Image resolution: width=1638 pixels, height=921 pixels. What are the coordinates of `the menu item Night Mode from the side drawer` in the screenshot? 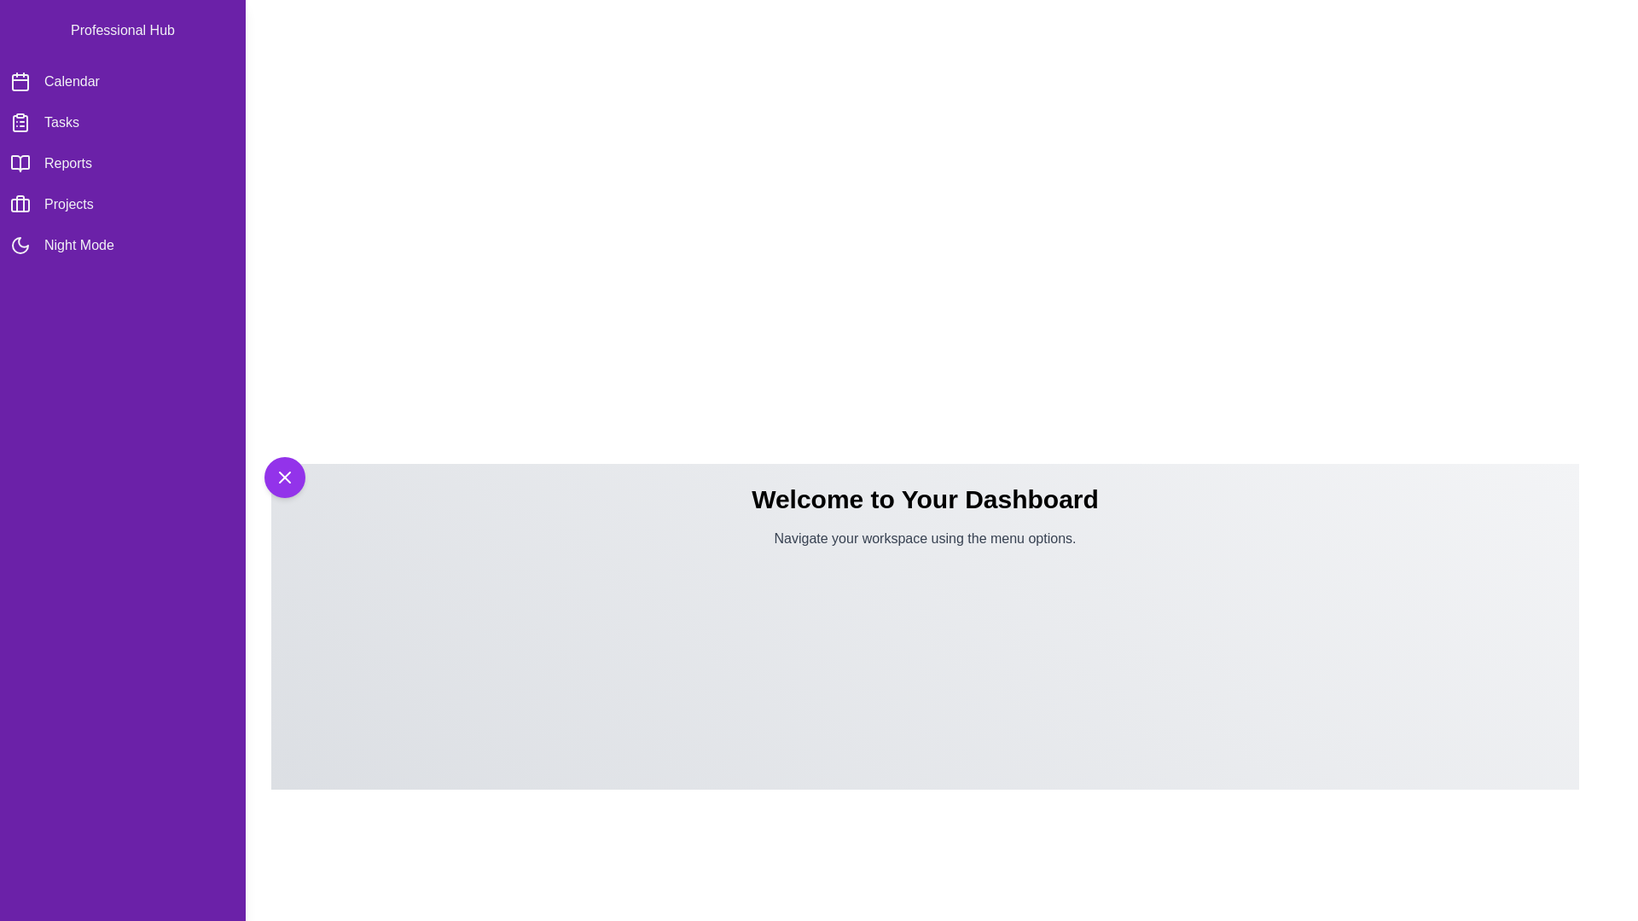 It's located at (122, 246).